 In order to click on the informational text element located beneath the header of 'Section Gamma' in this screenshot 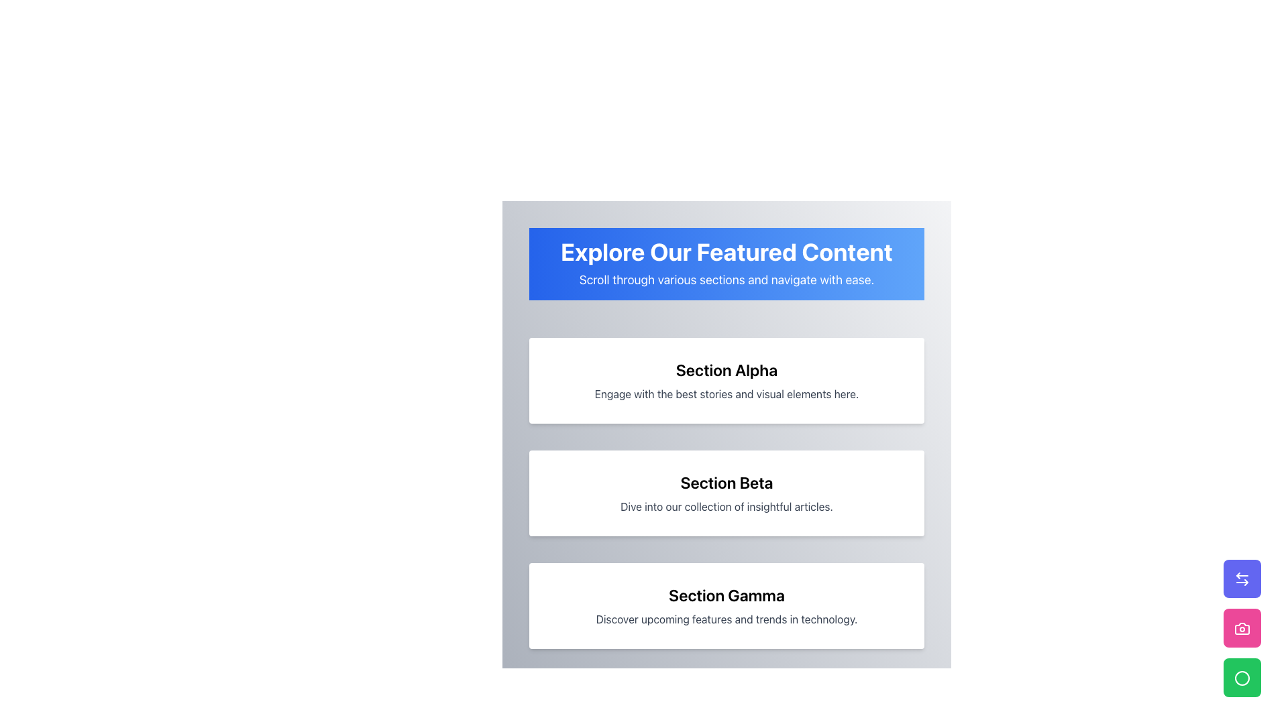, I will do `click(726, 619)`.